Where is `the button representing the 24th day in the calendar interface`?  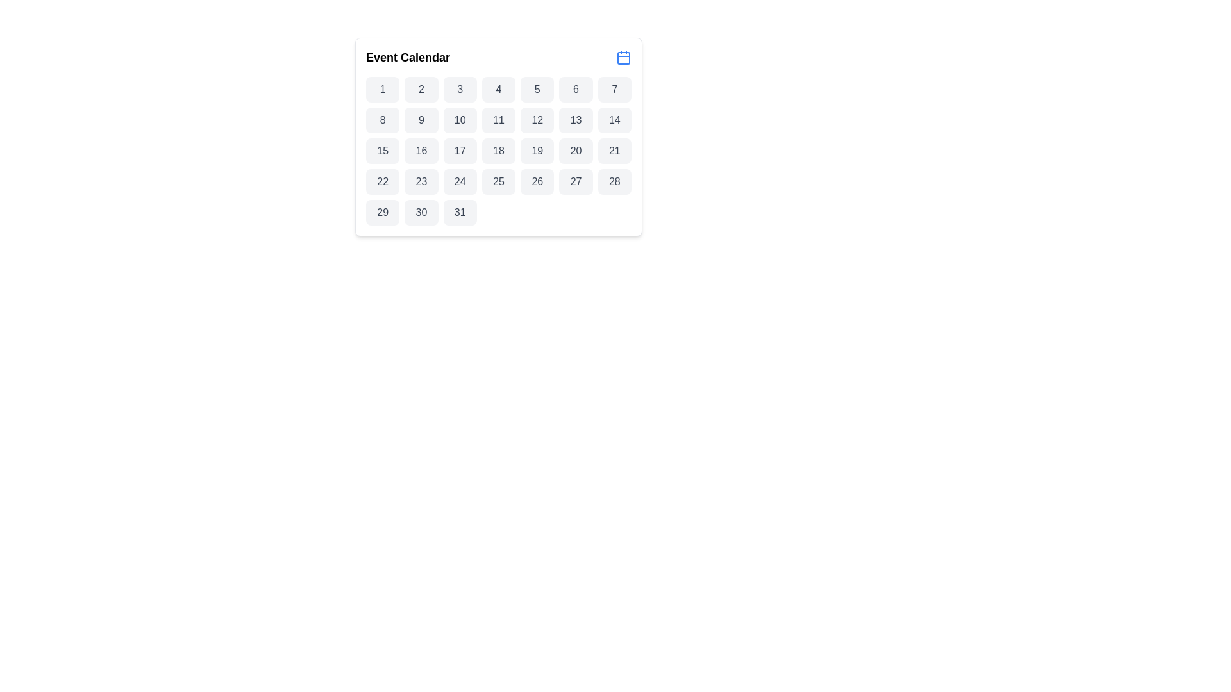 the button representing the 24th day in the calendar interface is located at coordinates (460, 182).